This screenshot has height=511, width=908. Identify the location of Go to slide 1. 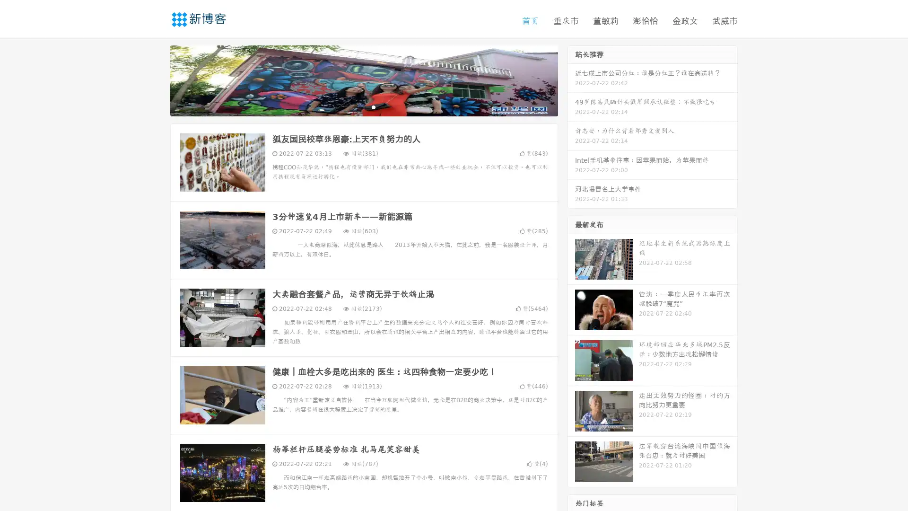
(354, 106).